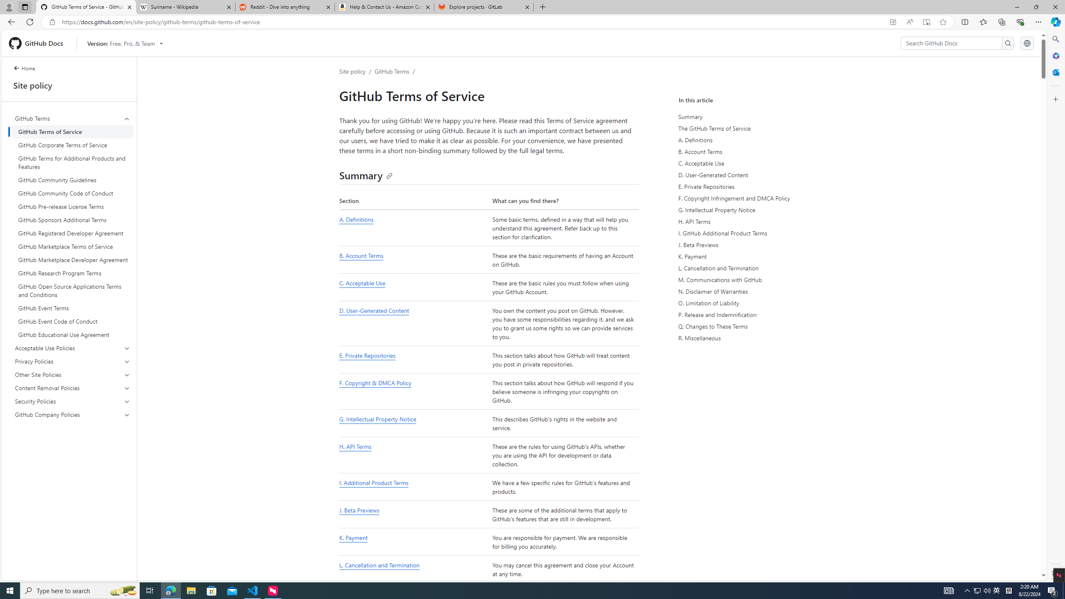 The image size is (1065, 599). Describe the element at coordinates (756, 233) in the screenshot. I see `'I. GitHub Additional Product Terms'` at that location.